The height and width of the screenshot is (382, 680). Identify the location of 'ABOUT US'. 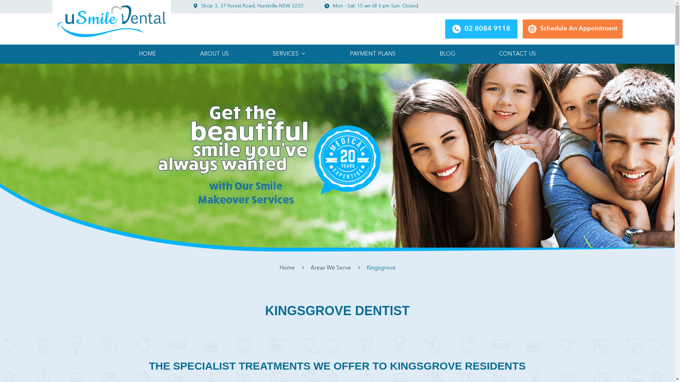
(178, 54).